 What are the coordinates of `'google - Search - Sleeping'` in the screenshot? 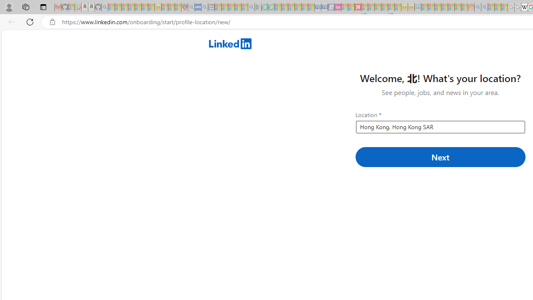 It's located at (251, 7).